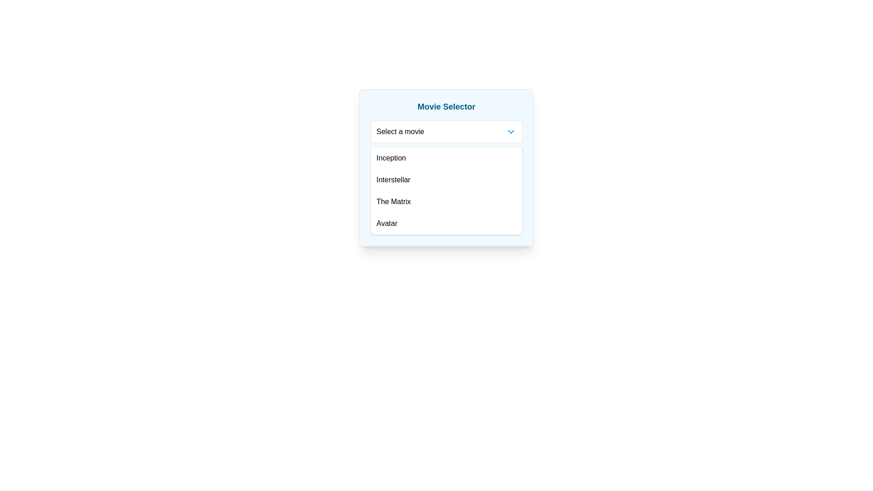 This screenshot has width=873, height=491. What do you see at coordinates (400, 131) in the screenshot?
I see `displayed text of the label that says 'Select a movie', which serves as a placeholder for the dropdown menu in the 'Movie Selector' section` at bounding box center [400, 131].